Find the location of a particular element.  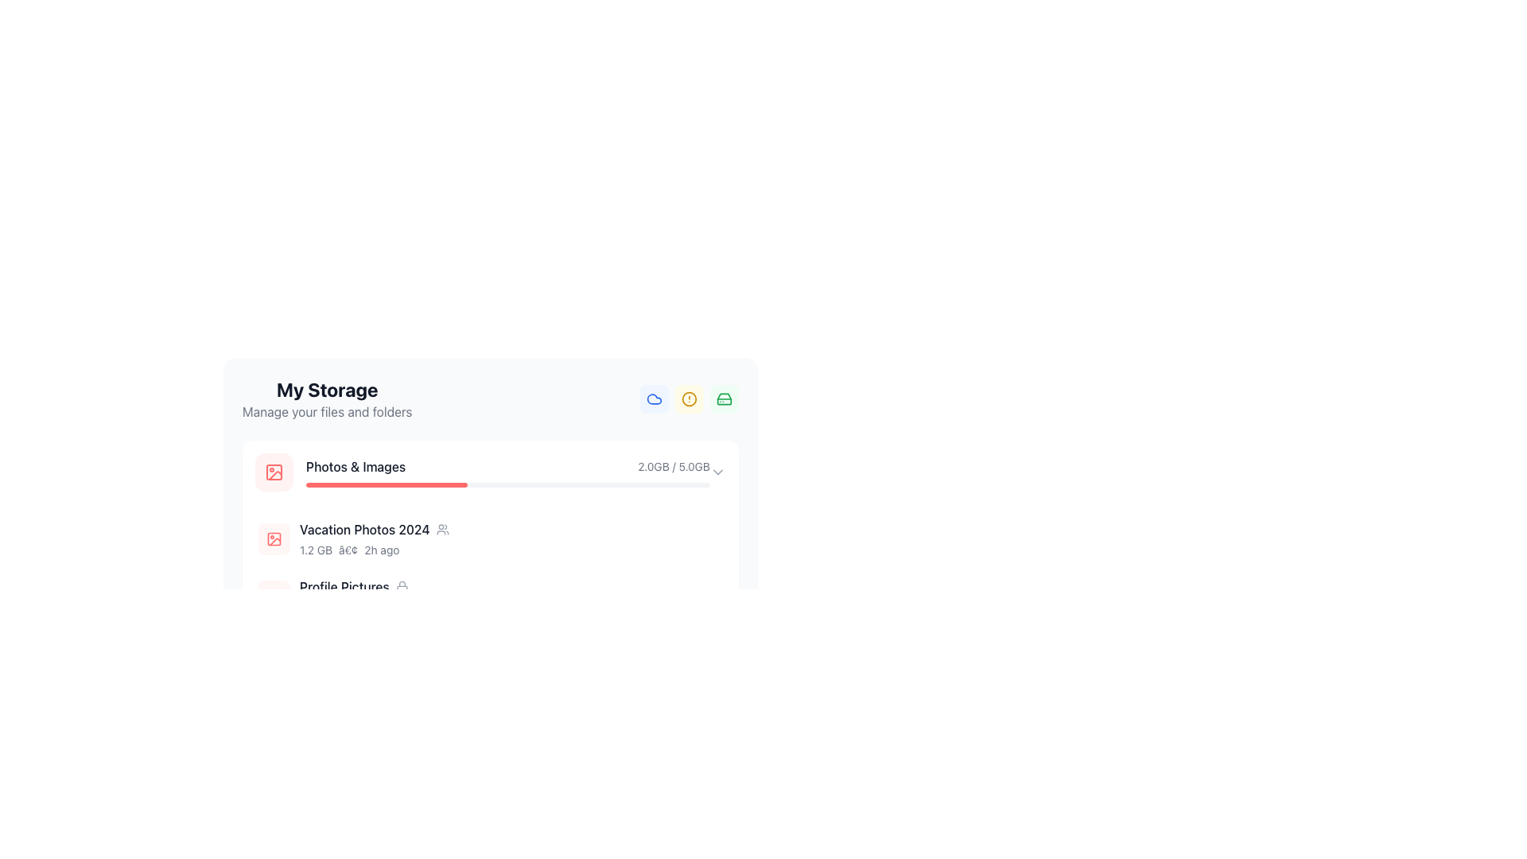

the Progress bar for 'Photos & Images' is located at coordinates (481, 472).